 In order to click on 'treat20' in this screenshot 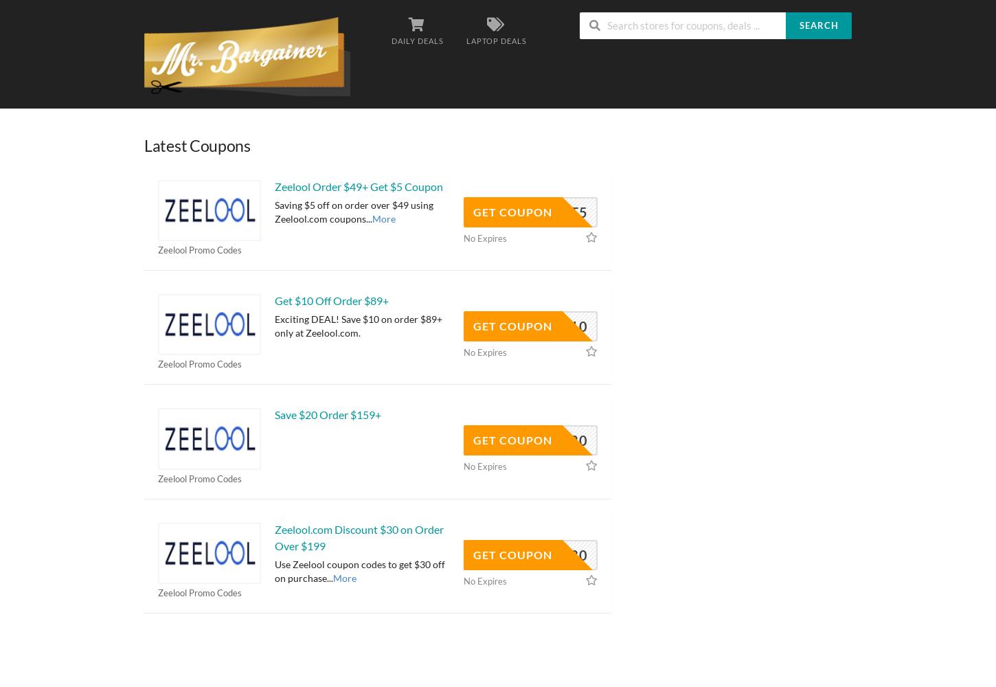, I will do `click(556, 440)`.